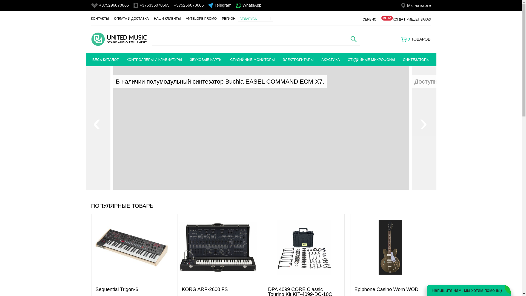  I want to click on '+375296070665', so click(114, 5).